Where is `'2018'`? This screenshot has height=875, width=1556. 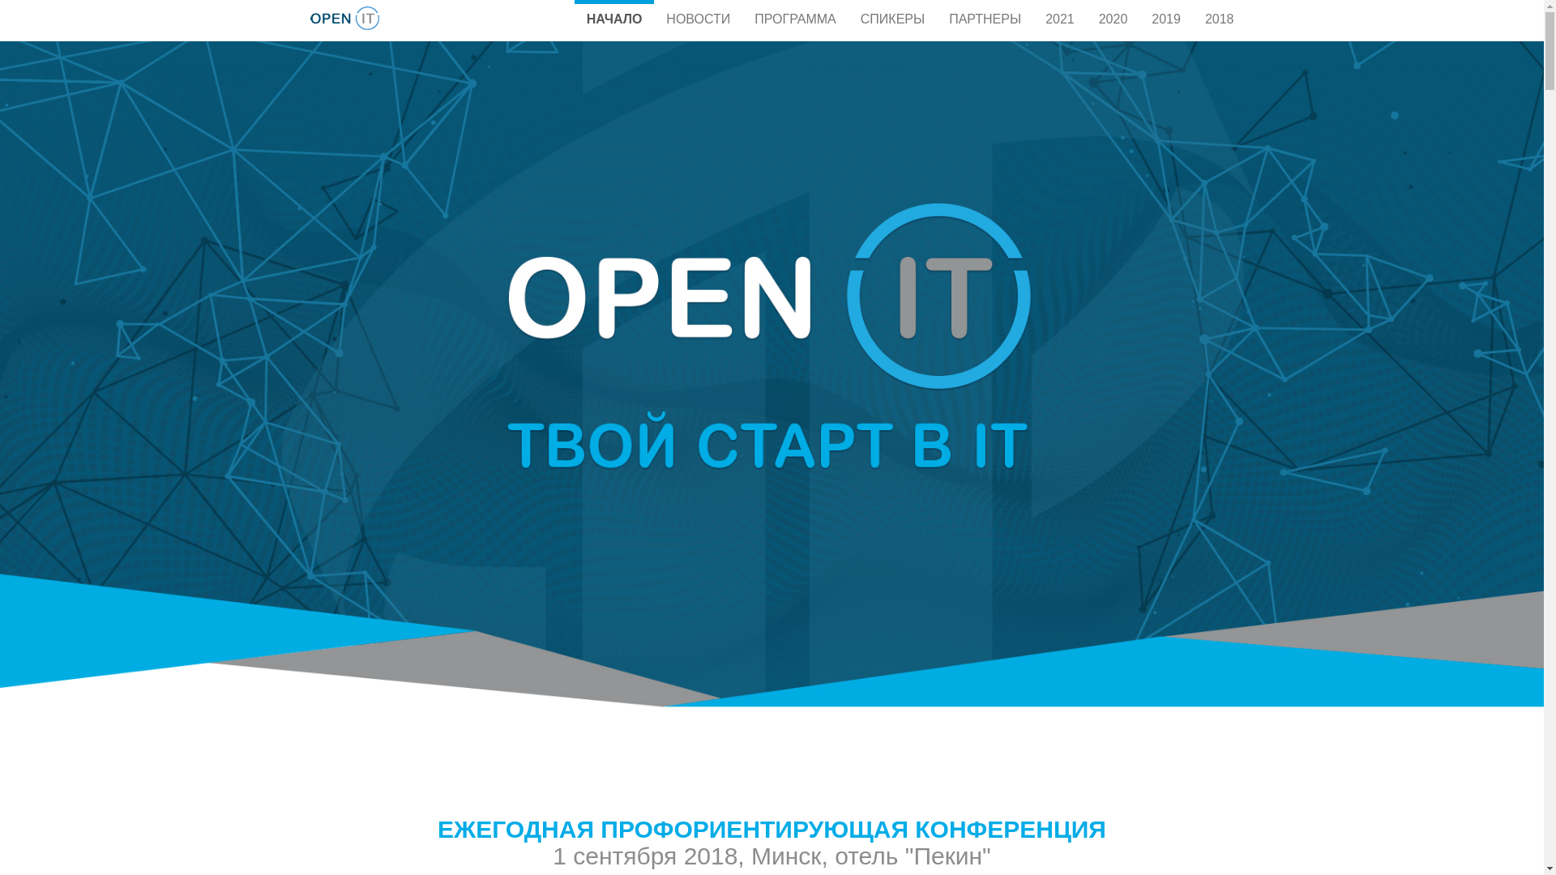
'2018' is located at coordinates (1220, 18).